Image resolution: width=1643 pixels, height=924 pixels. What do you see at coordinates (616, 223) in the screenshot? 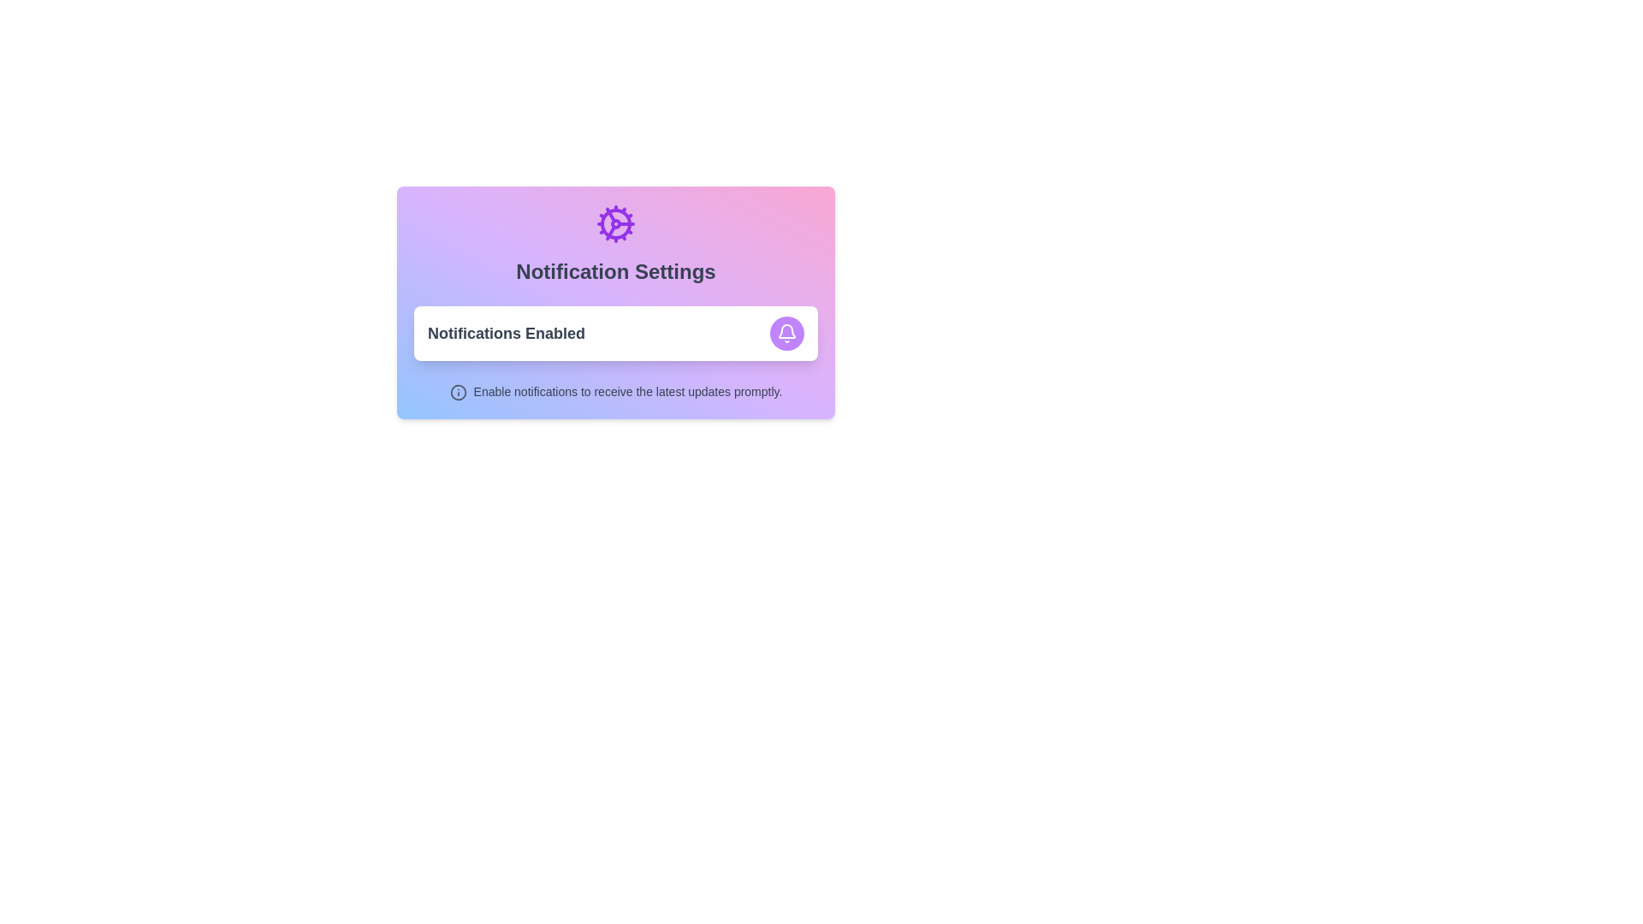
I see `the Decorative Icon positioned at the top center of the card layout, above the title 'Notification Settings'` at bounding box center [616, 223].